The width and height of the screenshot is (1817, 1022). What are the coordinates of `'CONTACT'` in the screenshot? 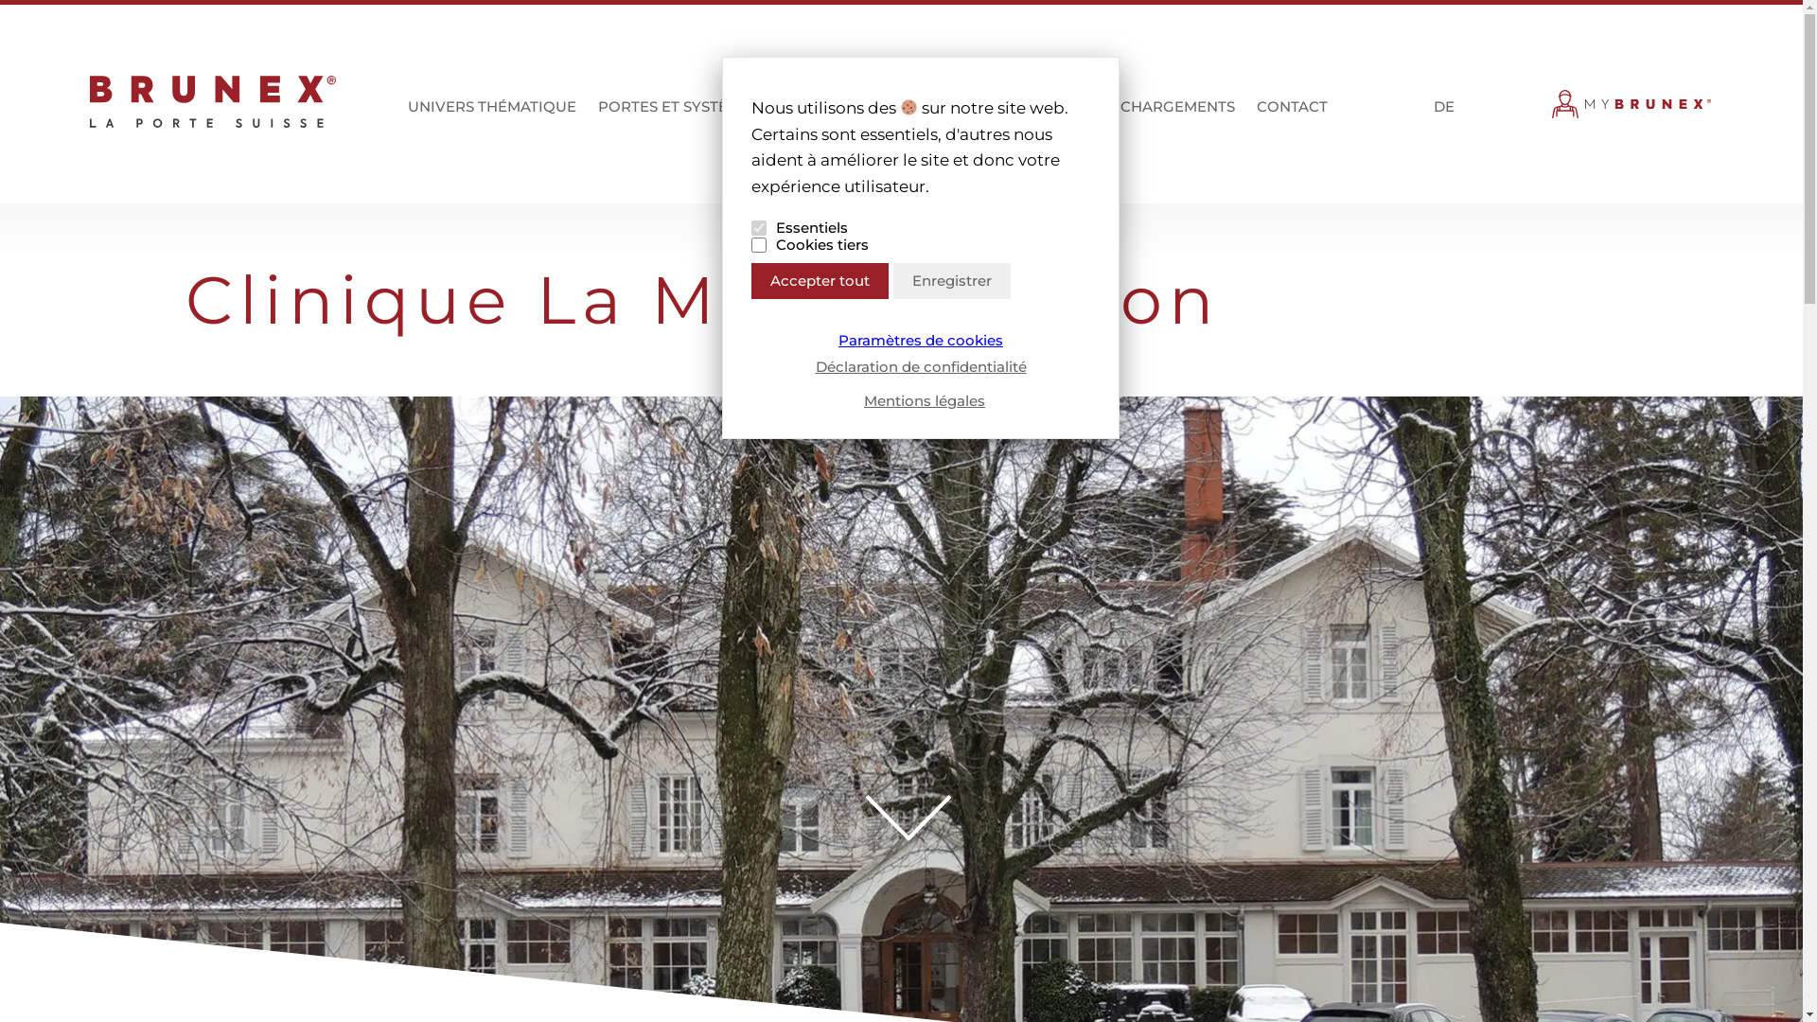 It's located at (1291, 115).